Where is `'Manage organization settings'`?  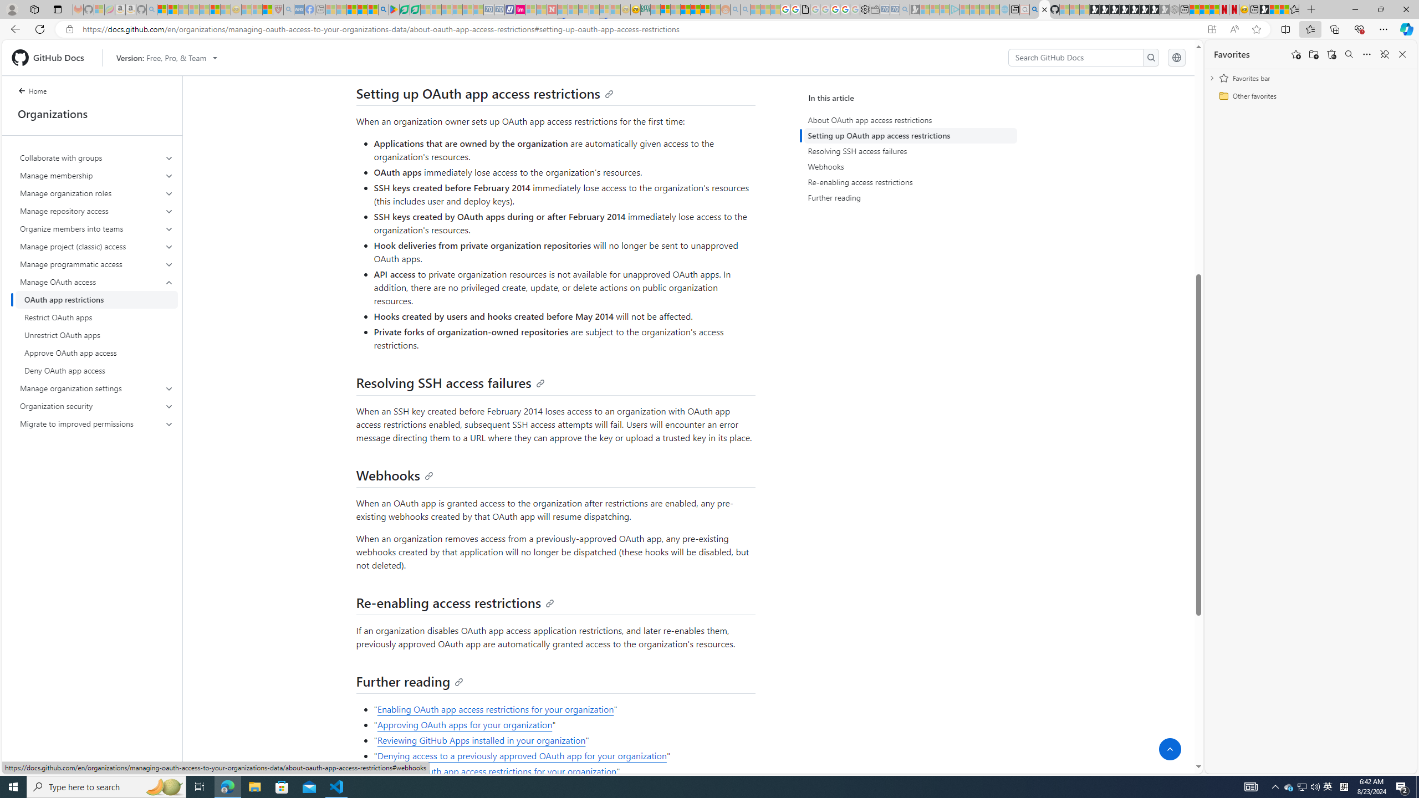
'Manage organization settings' is located at coordinates (97, 388).